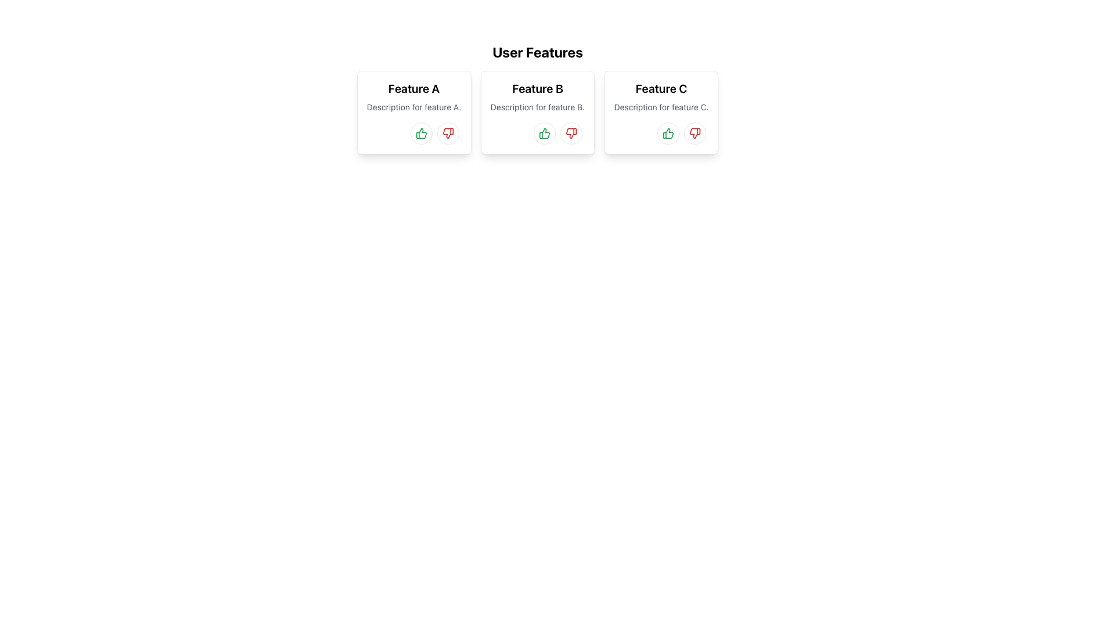  Describe the element at coordinates (537, 107) in the screenshot. I see `the static text label reading 'Description for feature B.' which is positioned below the title 'Feature B' in the central card of the layout` at that location.